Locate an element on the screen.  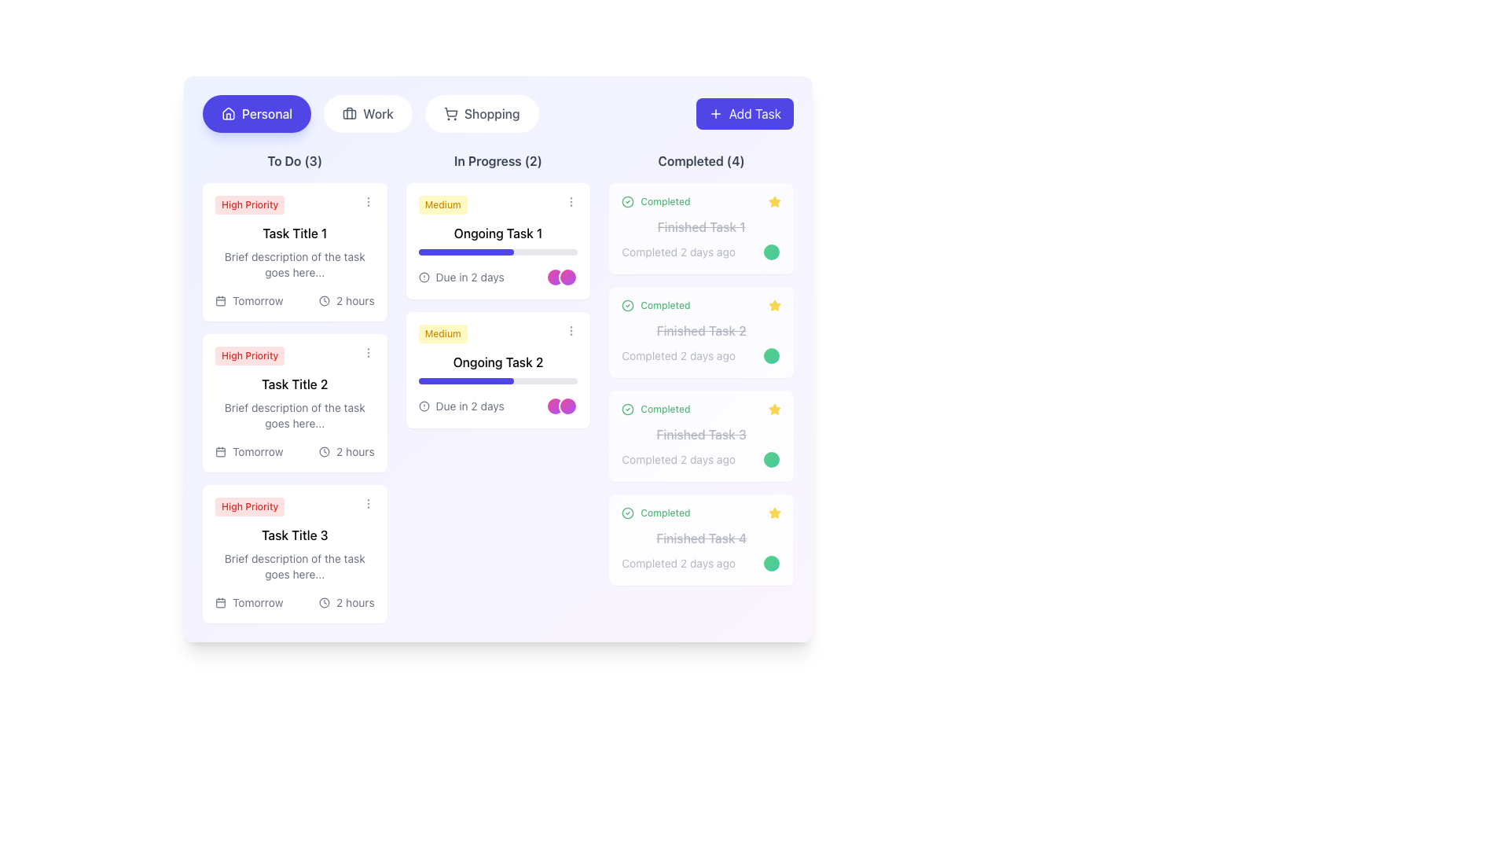
the label displaying 'Due in 2 days' with a gray font color and a small alert icon on its left, located underneath the 'Ongoing Task 2' card in the 'In Progress' column is located at coordinates (461, 405).